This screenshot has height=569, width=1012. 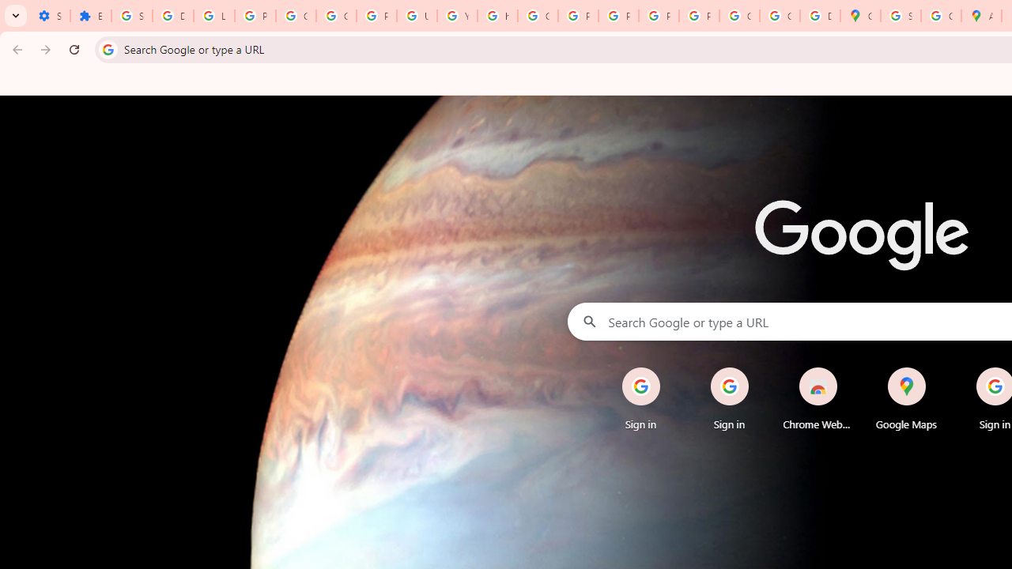 What do you see at coordinates (456, 16) in the screenshot?
I see `'YouTube'` at bounding box center [456, 16].